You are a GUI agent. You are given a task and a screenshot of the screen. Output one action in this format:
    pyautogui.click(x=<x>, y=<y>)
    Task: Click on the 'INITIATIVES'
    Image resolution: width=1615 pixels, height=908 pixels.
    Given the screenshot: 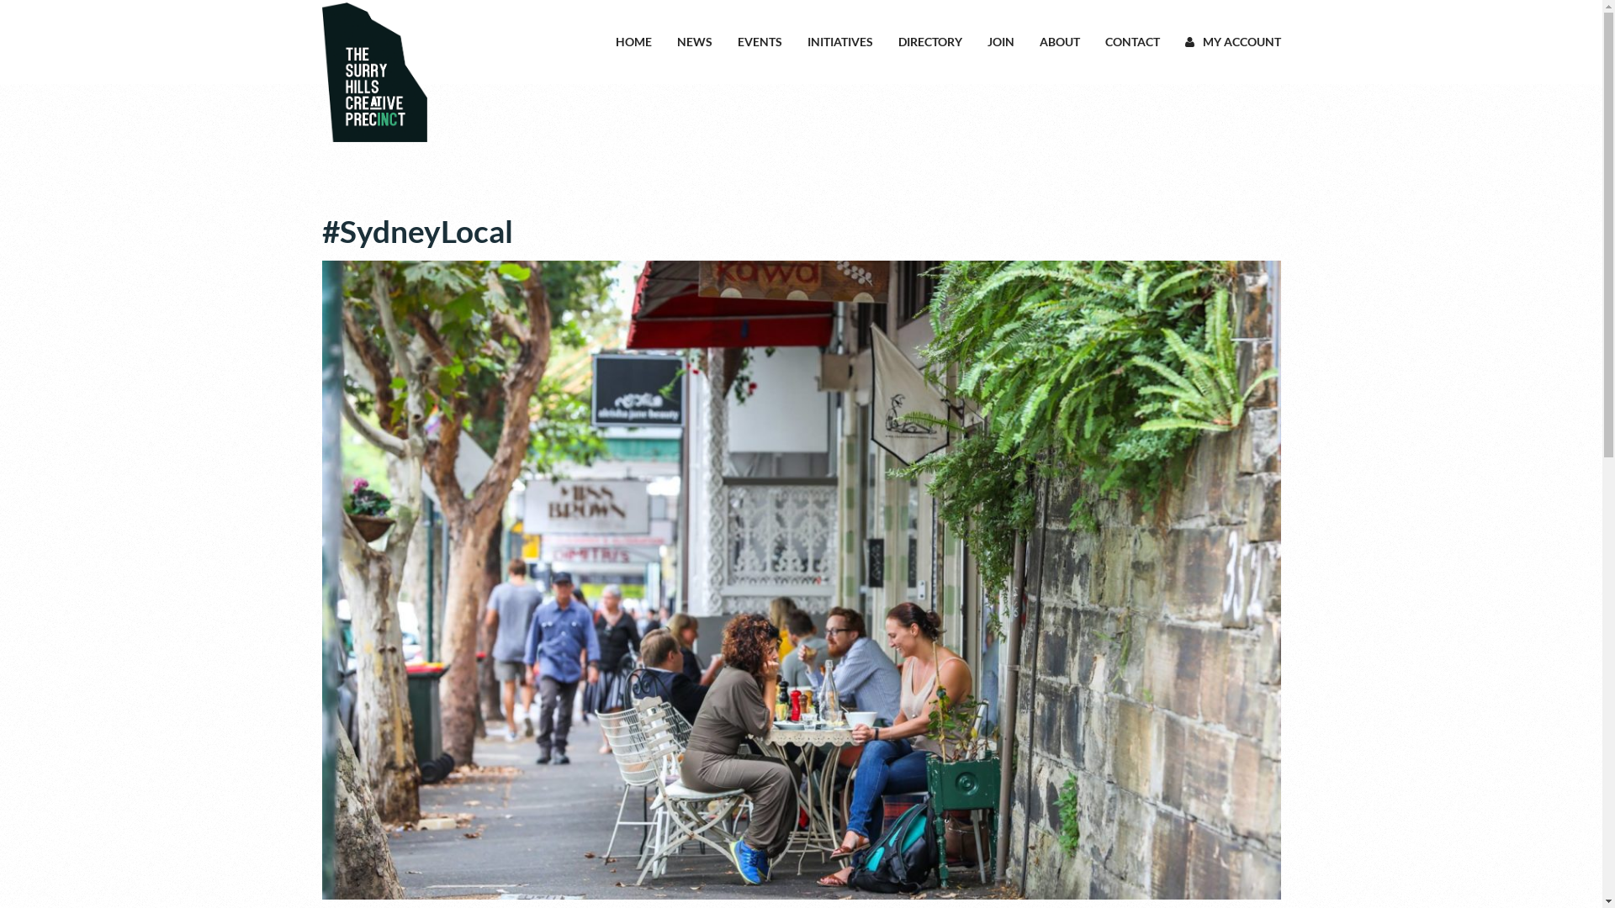 What is the action you would take?
    pyautogui.click(x=807, y=41)
    